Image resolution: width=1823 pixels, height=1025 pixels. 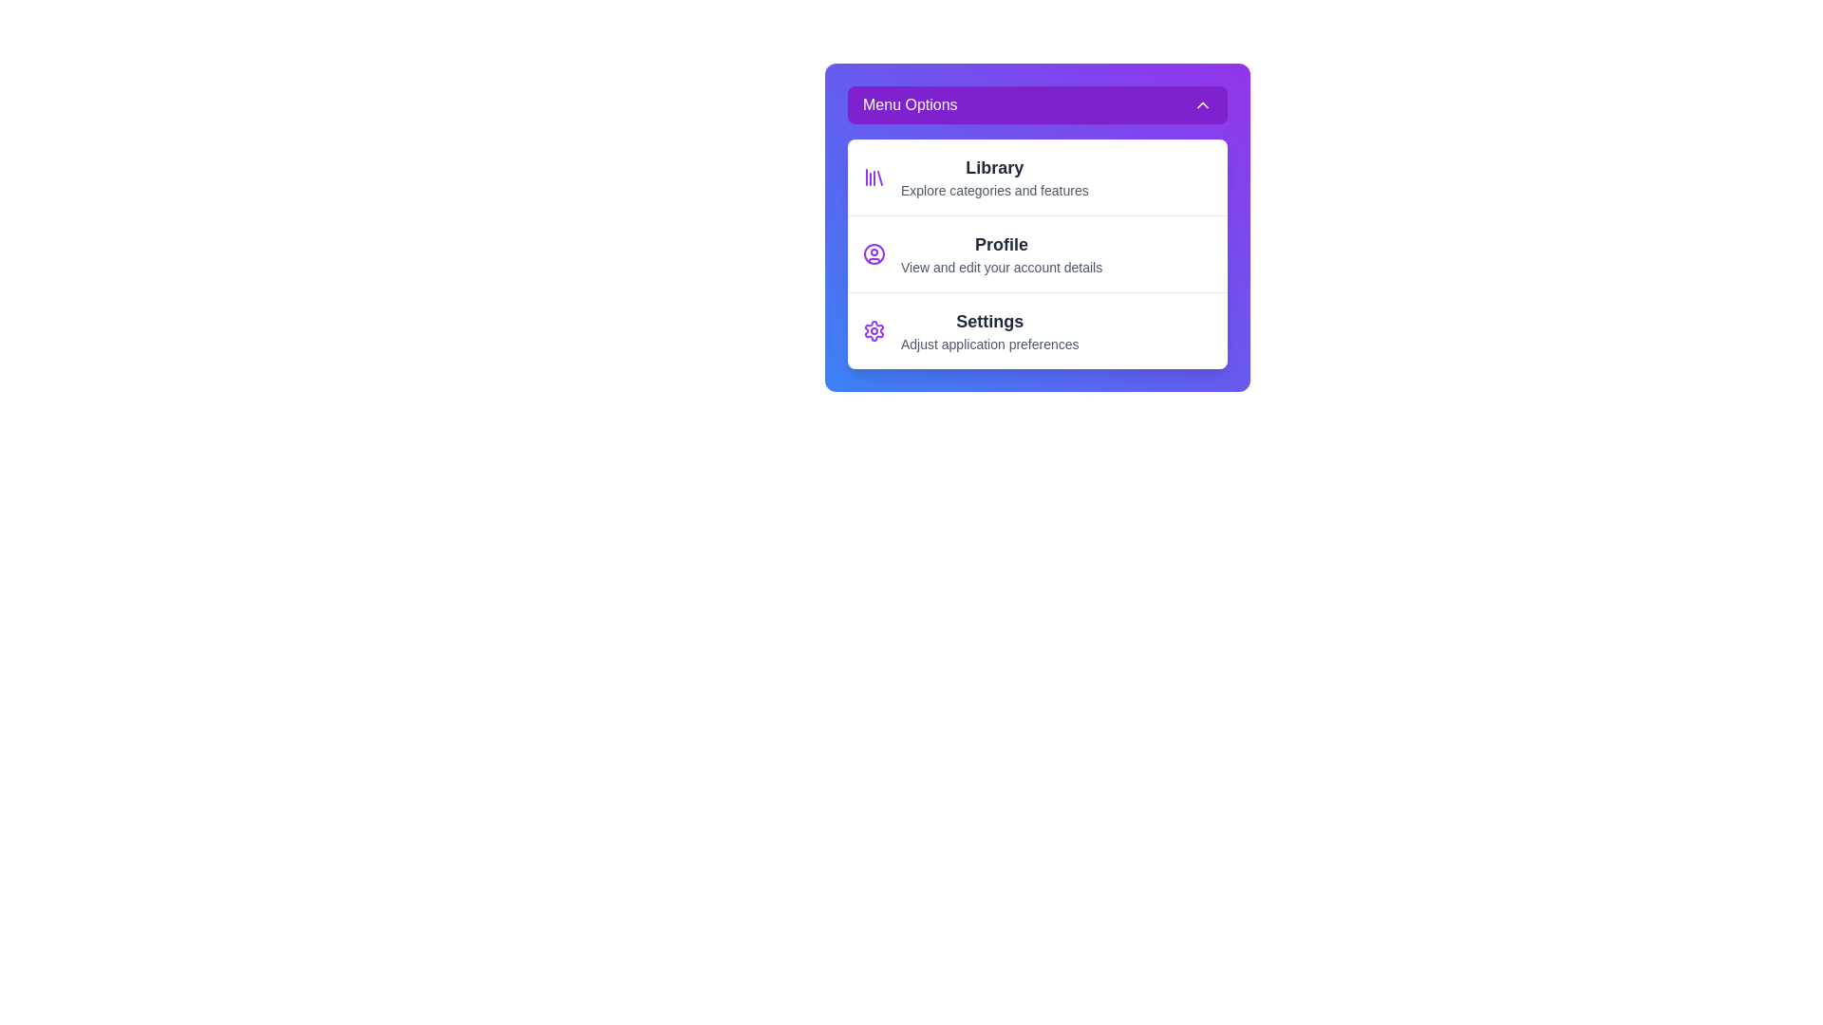 What do you see at coordinates (1001, 244) in the screenshot?
I see `the 'Profile' text label that identifies the relevant area for viewing and managing account details, located between the 'Library' section and the 'Settings' section` at bounding box center [1001, 244].